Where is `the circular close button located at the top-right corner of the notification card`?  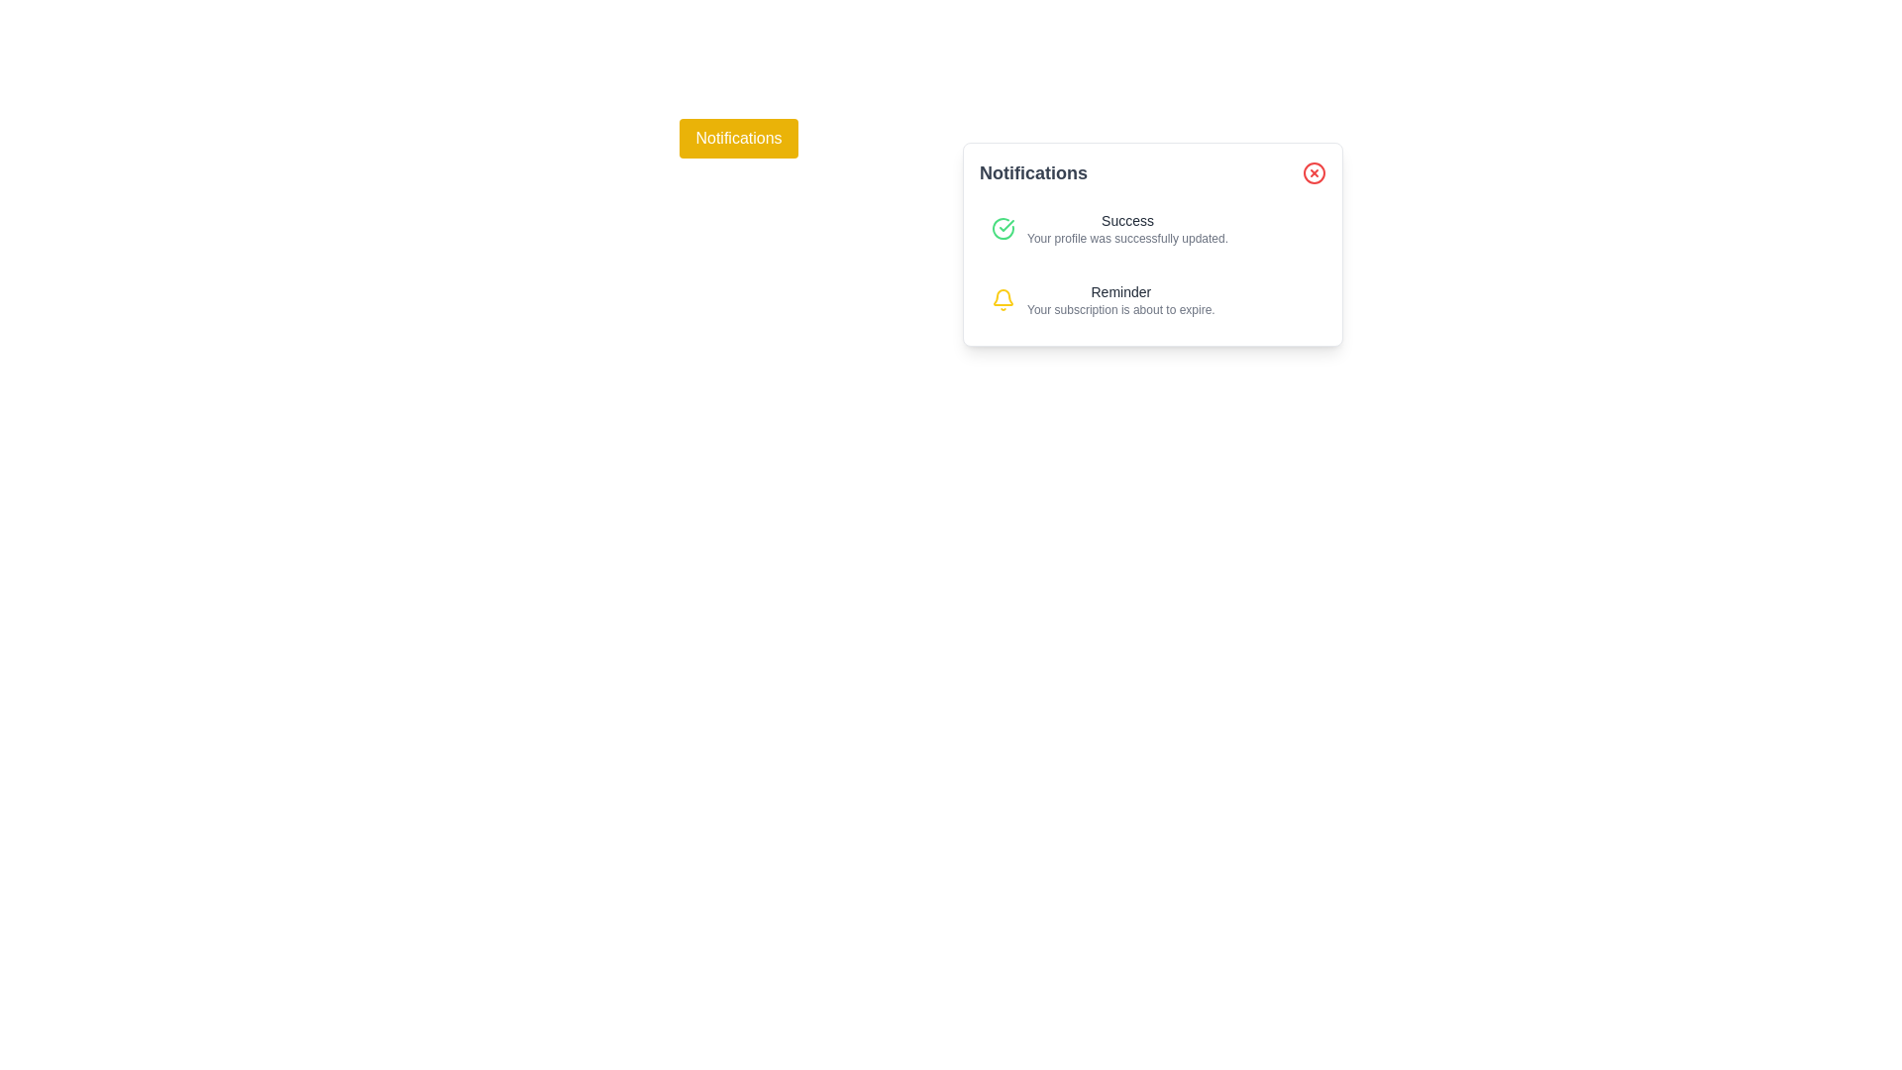
the circular close button located at the top-right corner of the notification card is located at coordinates (1314, 171).